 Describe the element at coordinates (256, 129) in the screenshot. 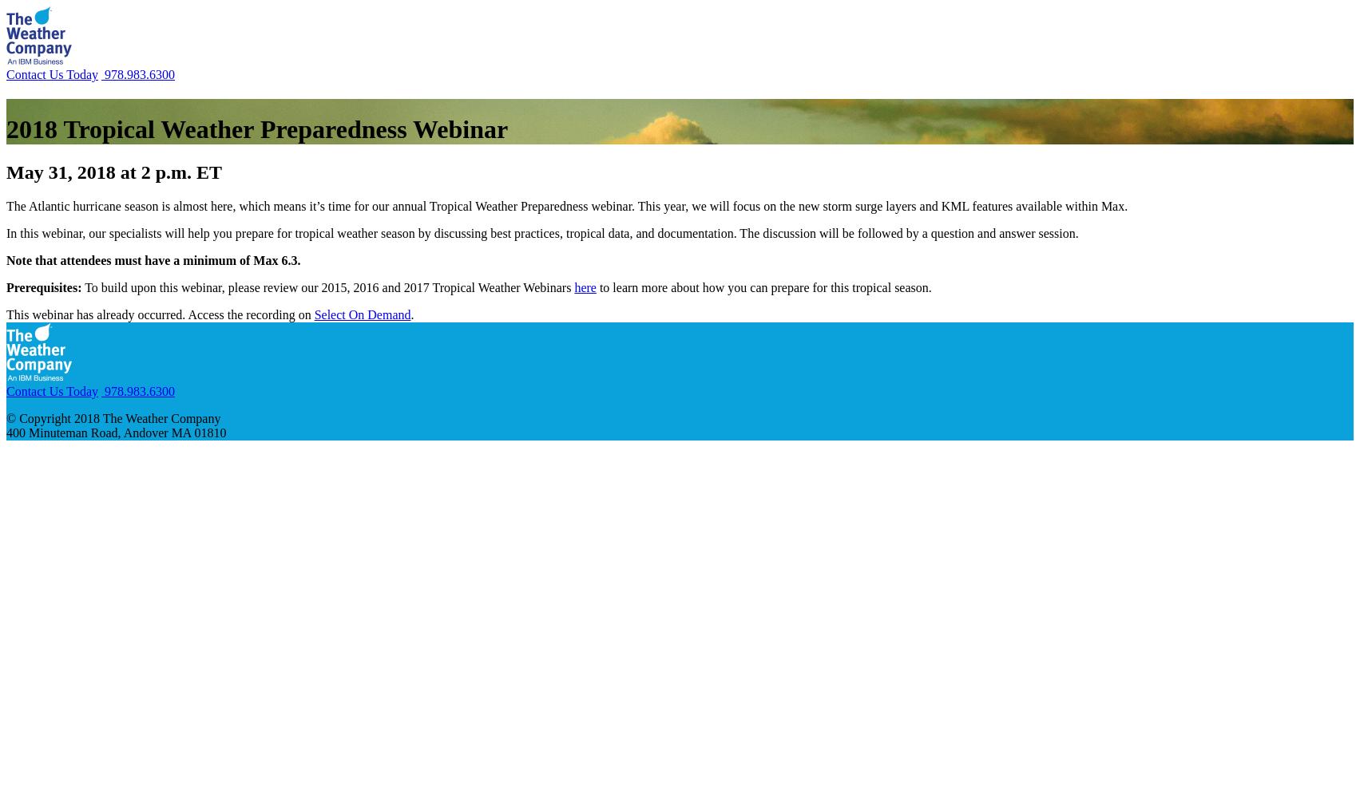

I see `'2018 Tropical Weather Preparedness Webinar'` at that location.